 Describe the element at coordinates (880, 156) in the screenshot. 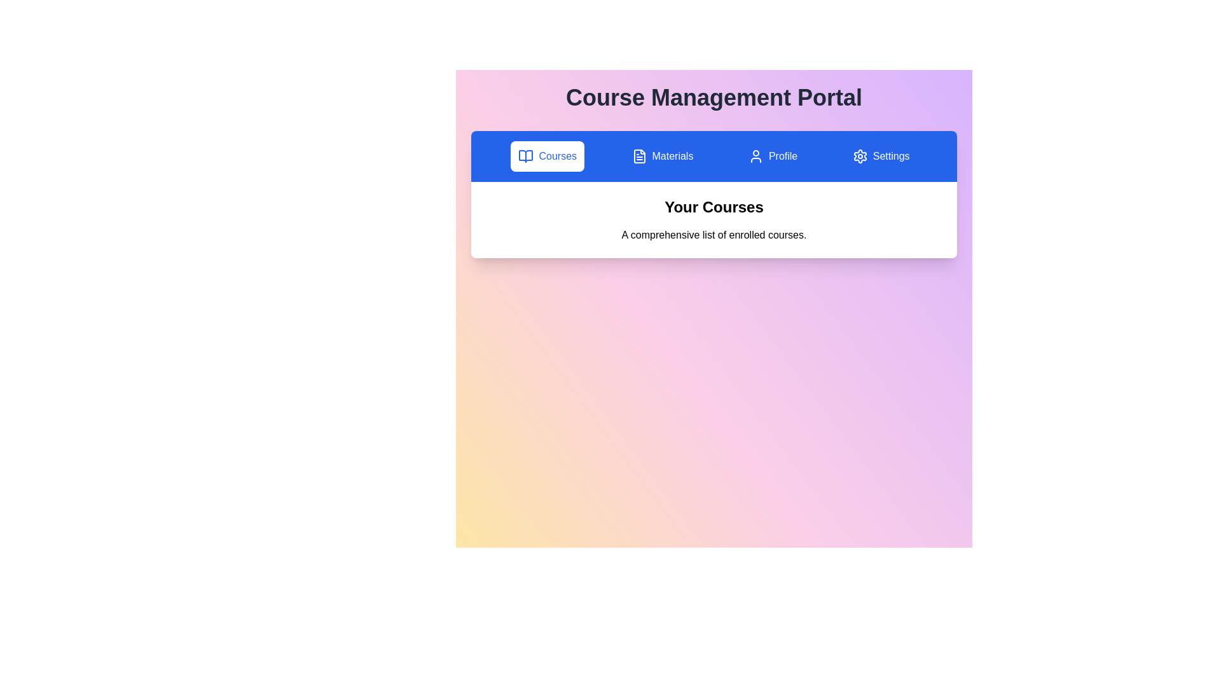

I see `the settings button located in the top navigation bar, which is the fourth button to the right of the Profile button` at that location.